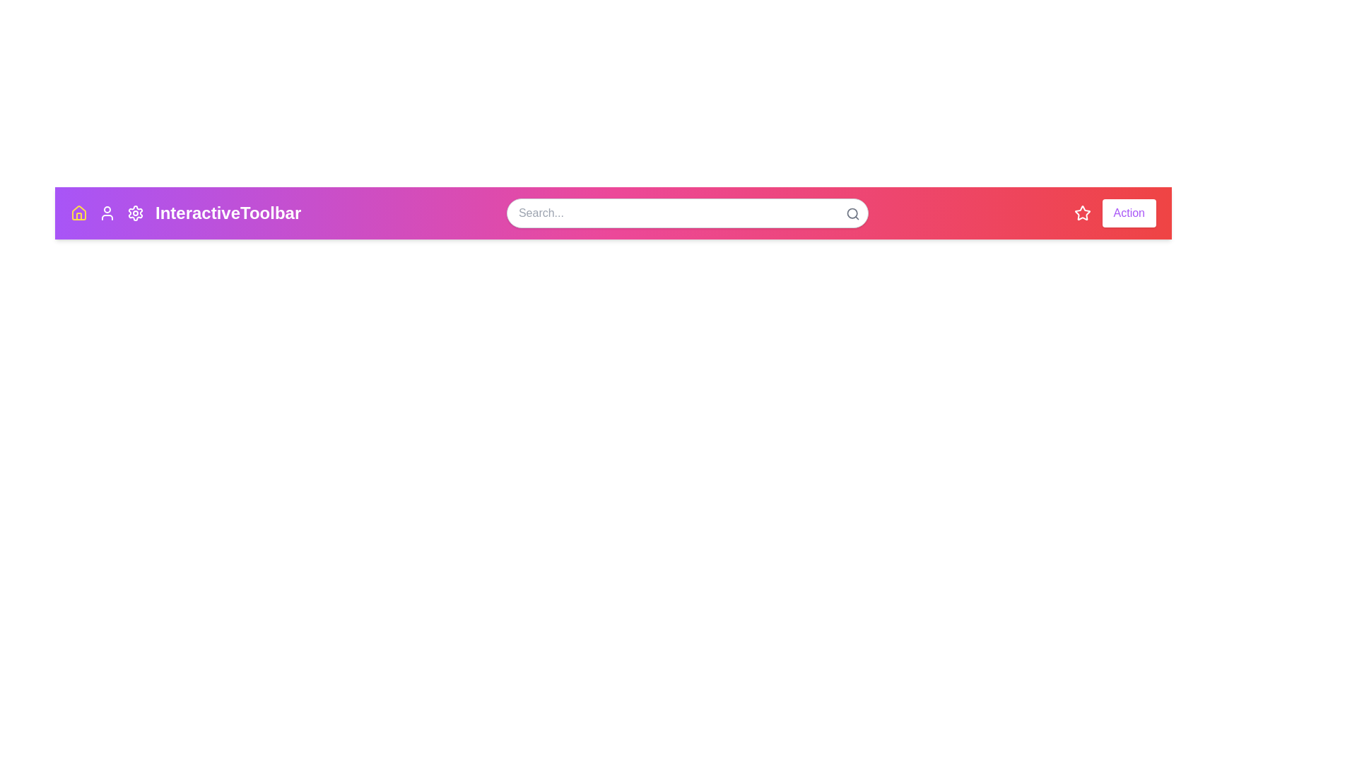 This screenshot has width=1357, height=763. I want to click on the User icon to switch the active tab, so click(107, 213).